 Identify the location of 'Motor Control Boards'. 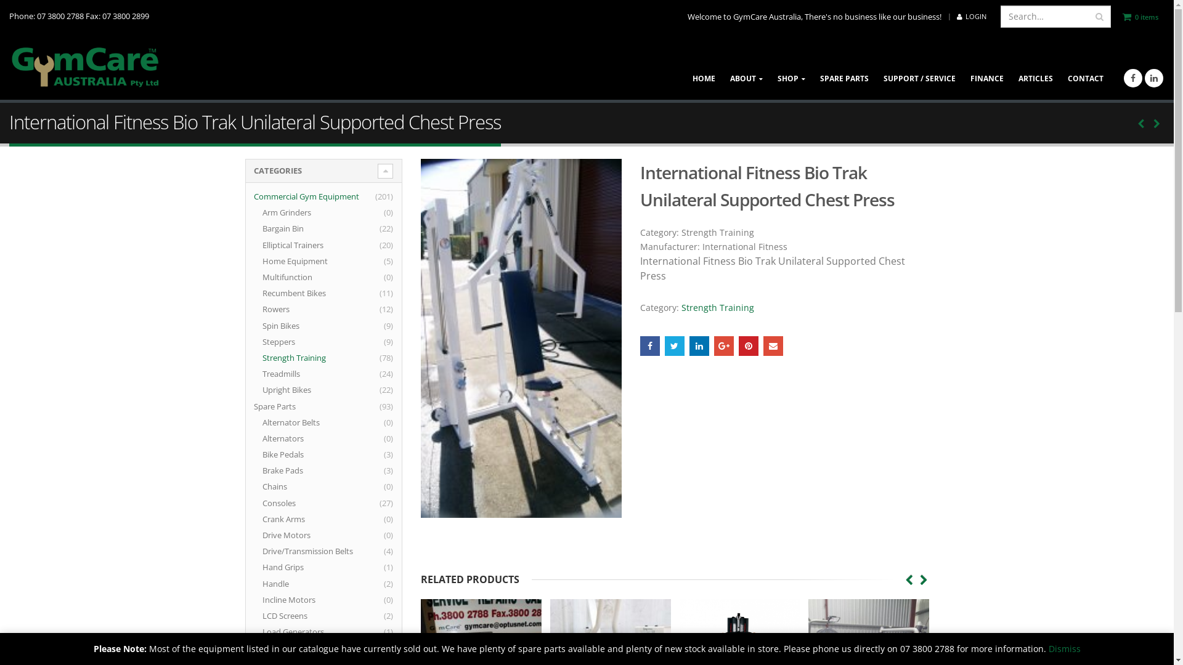
(311, 647).